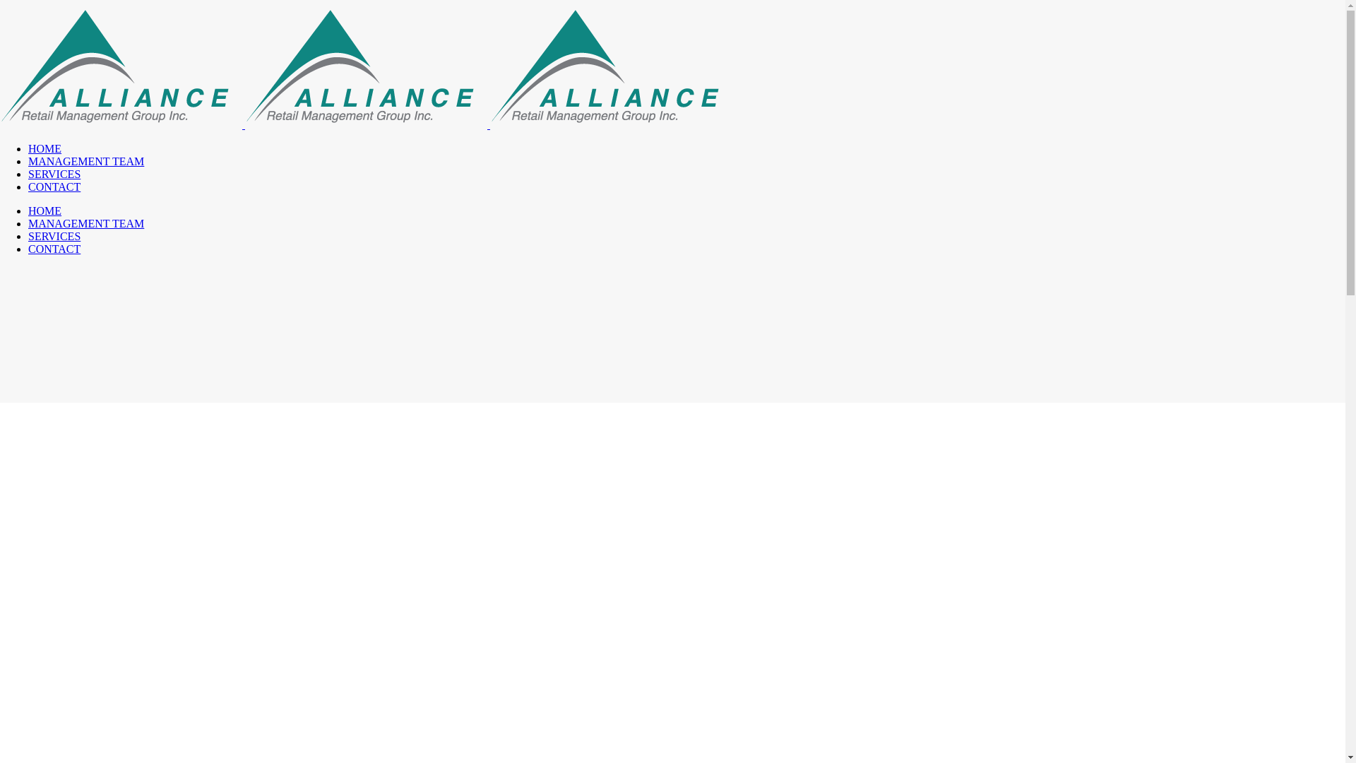  I want to click on 'CONTACT', so click(54, 186).